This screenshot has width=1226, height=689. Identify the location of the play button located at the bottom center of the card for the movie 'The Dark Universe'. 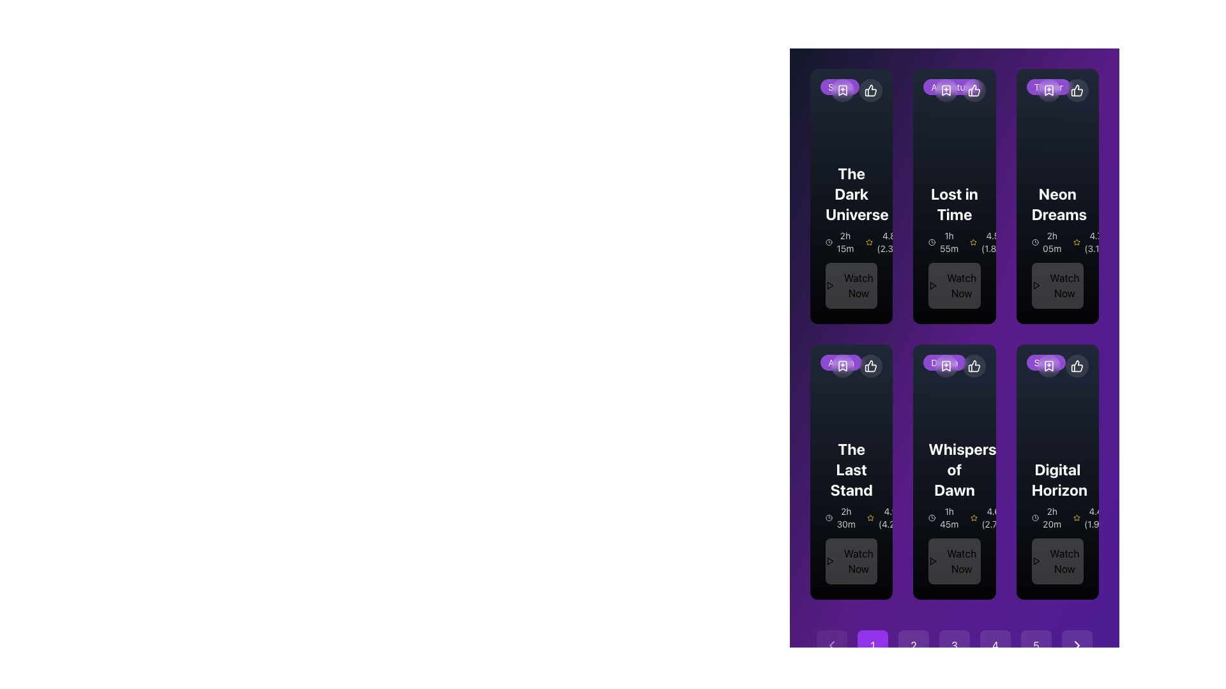
(851, 285).